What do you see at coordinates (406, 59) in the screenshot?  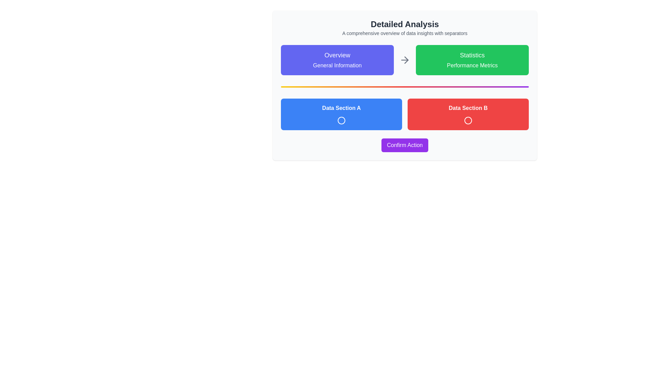 I see `the rightward-pointing arrow icon that signifies navigation from the 'Overview' section to the 'Statistics' section` at bounding box center [406, 59].